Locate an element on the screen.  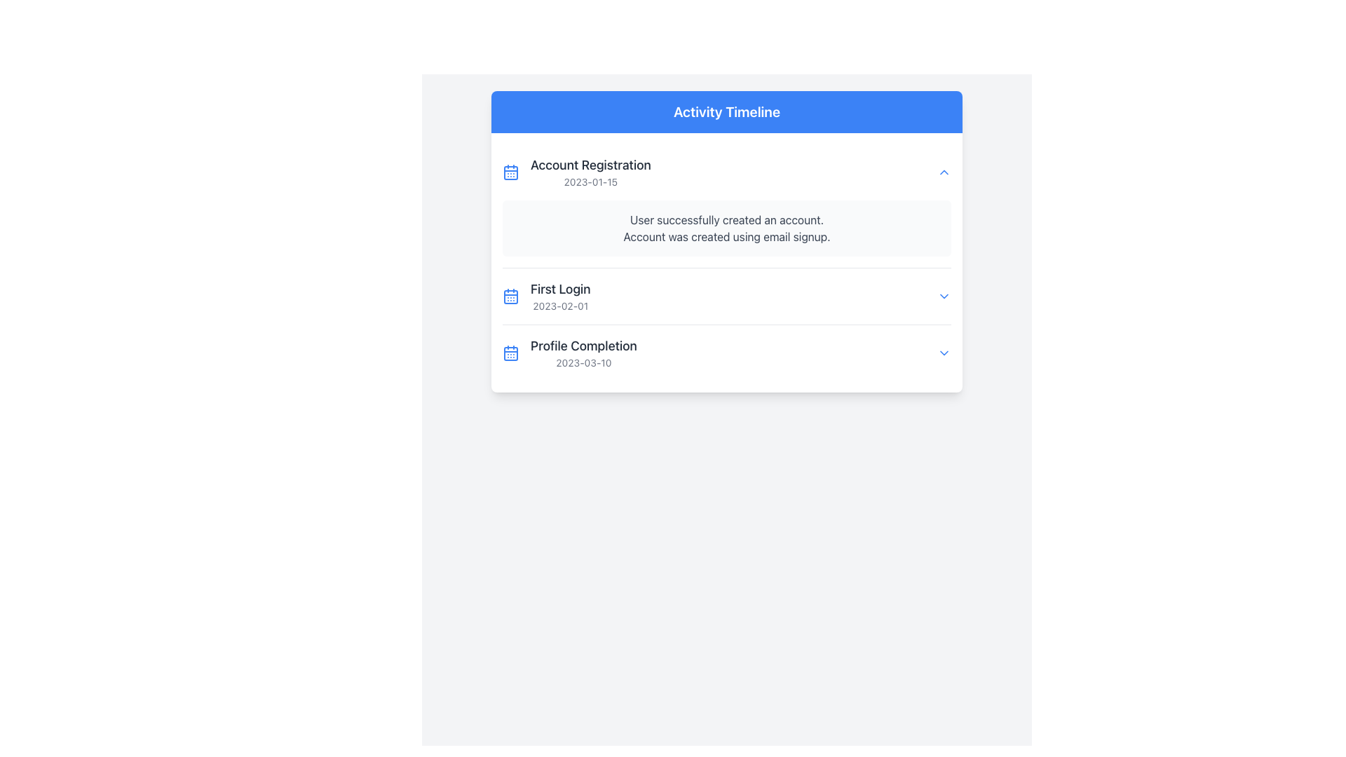
text from the Header or Title Bar of the 'Activity Timeline' section, which serves as the title for this content area is located at coordinates (726, 111).